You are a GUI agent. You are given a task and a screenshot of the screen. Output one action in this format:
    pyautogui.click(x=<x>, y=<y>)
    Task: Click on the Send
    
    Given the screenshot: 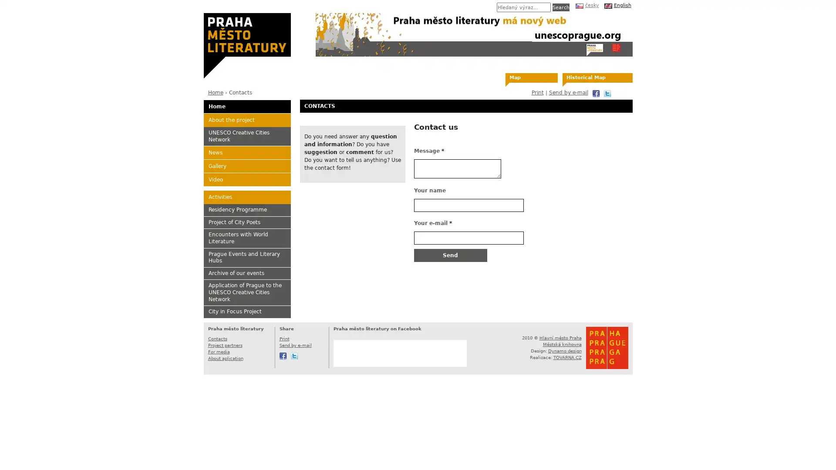 What is the action you would take?
    pyautogui.click(x=450, y=255)
    